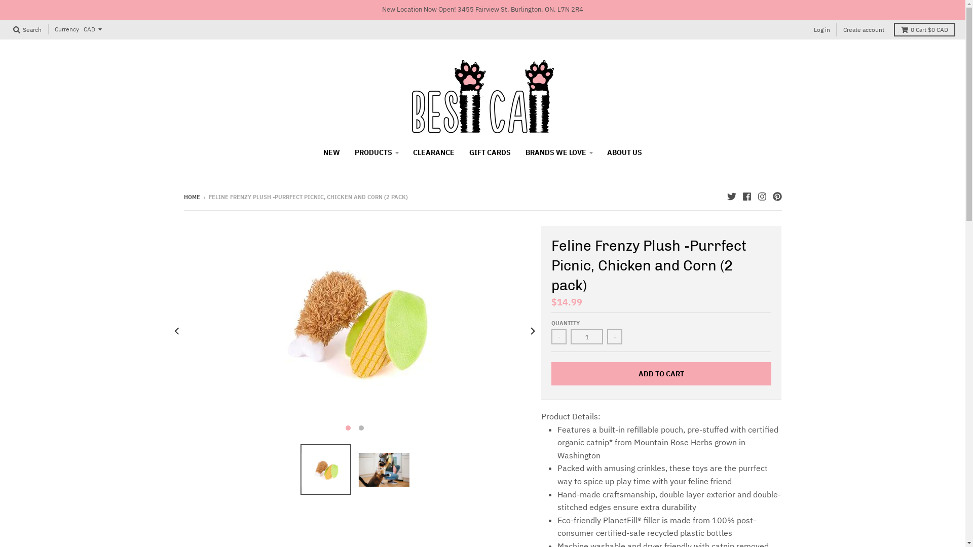 Image resolution: width=973 pixels, height=547 pixels. I want to click on 'Log in', so click(822, 29).